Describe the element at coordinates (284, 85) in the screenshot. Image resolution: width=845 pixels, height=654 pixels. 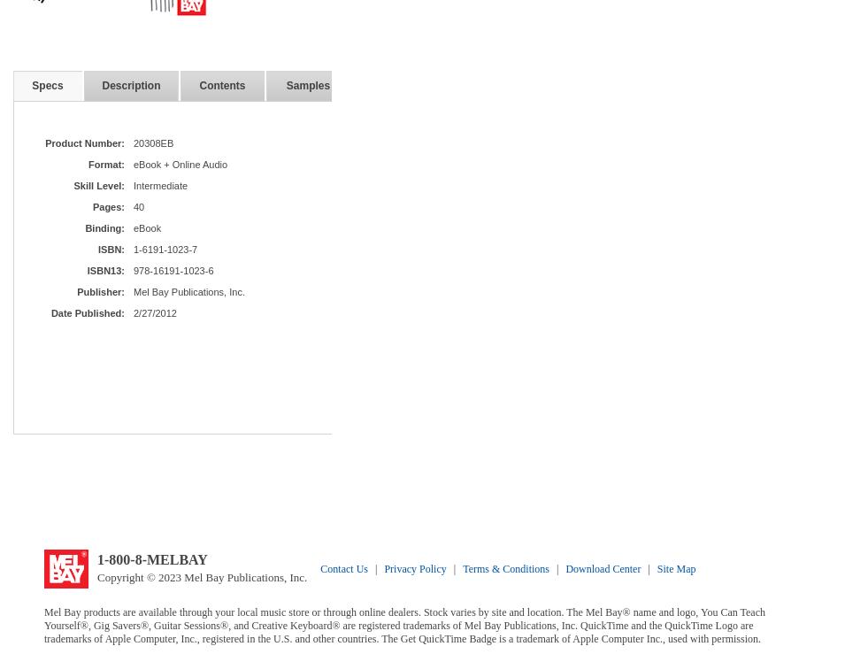
I see `'Samples'` at that location.